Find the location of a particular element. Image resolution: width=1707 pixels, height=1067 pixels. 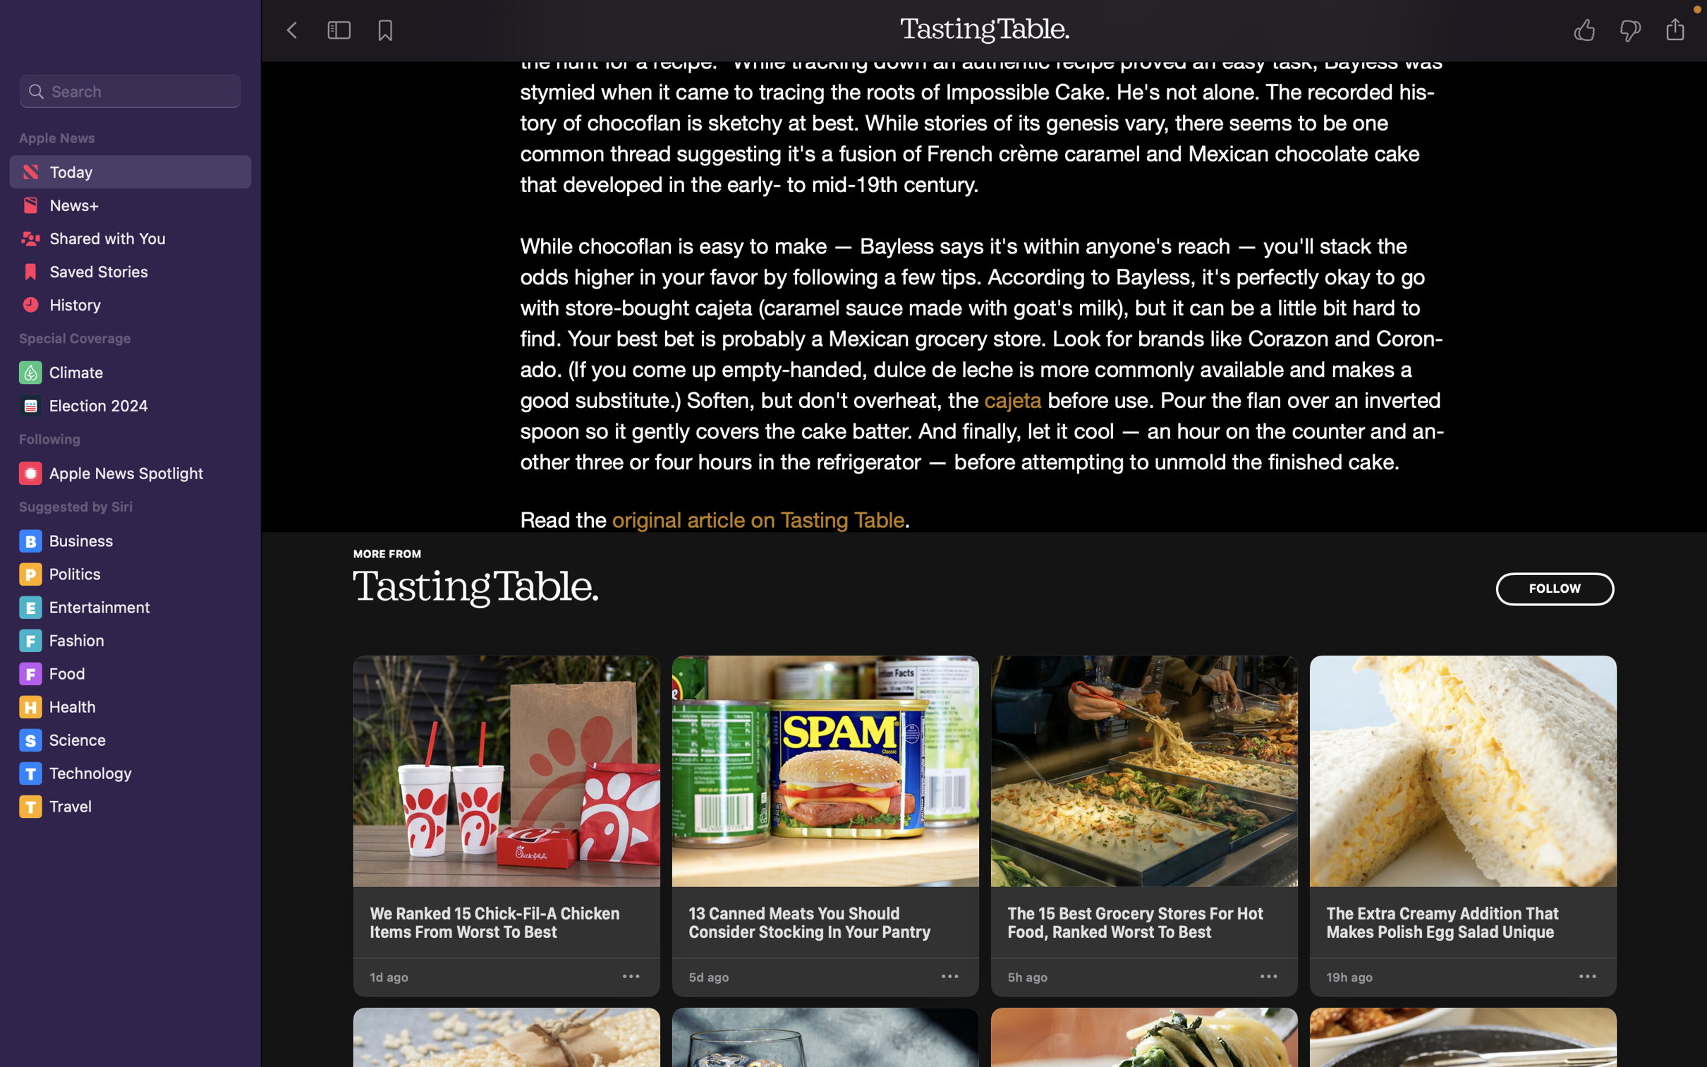

Show disapproval for the story is located at coordinates (1634, 32).